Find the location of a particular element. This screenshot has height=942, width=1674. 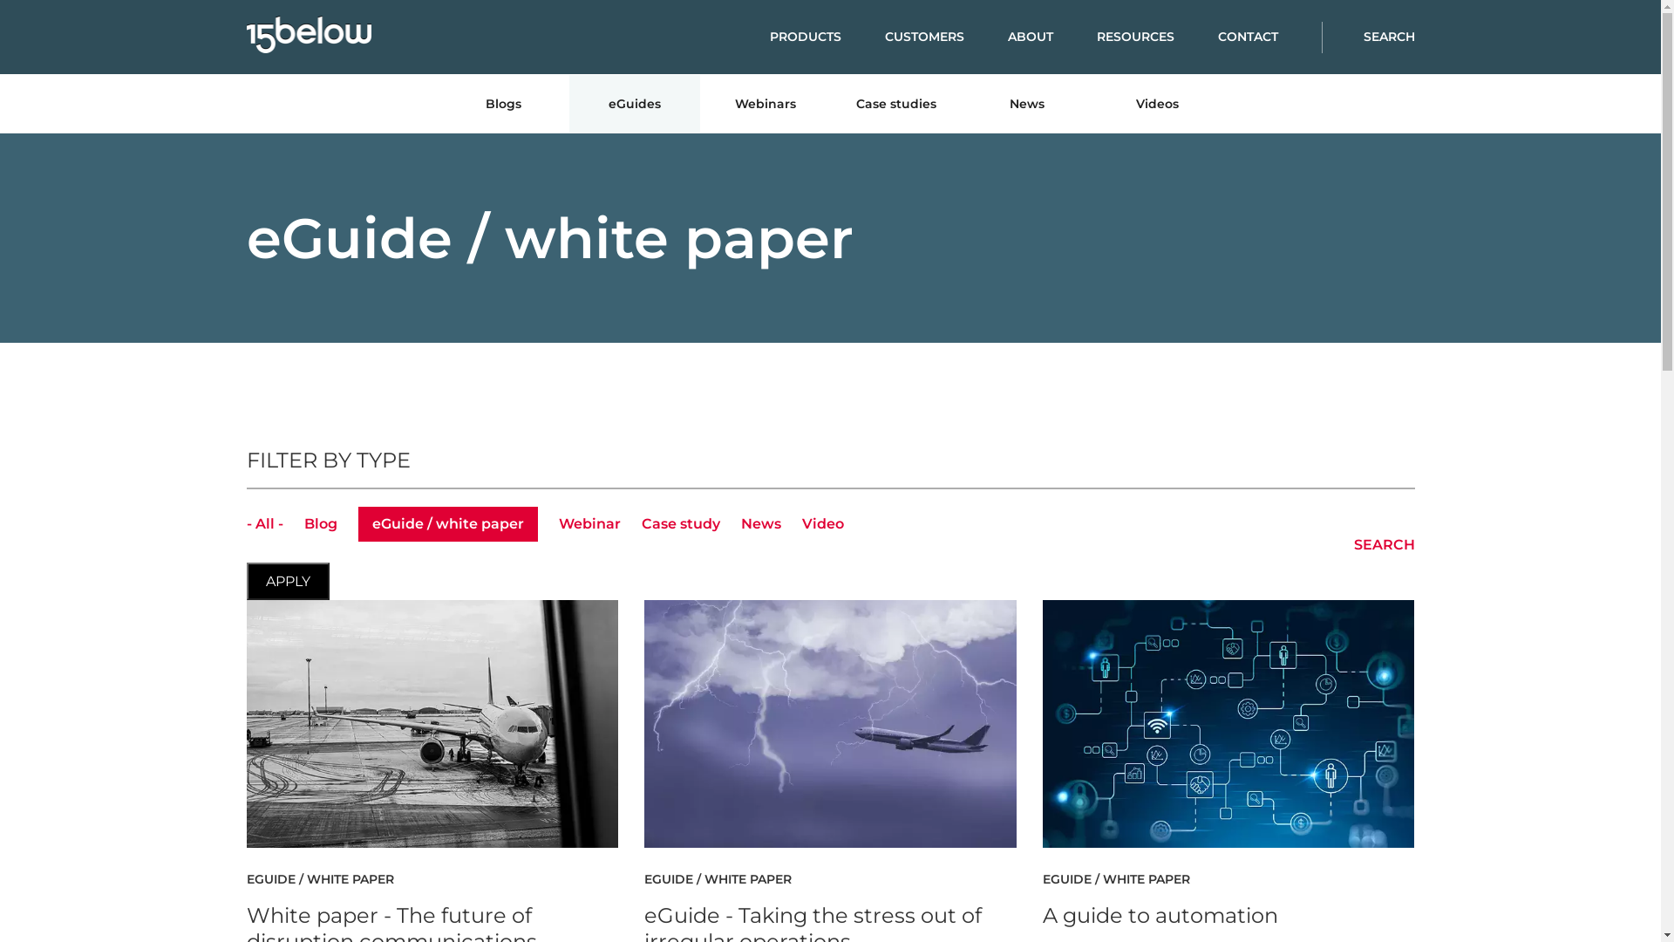

'ABOUT' is located at coordinates (1051, 37).